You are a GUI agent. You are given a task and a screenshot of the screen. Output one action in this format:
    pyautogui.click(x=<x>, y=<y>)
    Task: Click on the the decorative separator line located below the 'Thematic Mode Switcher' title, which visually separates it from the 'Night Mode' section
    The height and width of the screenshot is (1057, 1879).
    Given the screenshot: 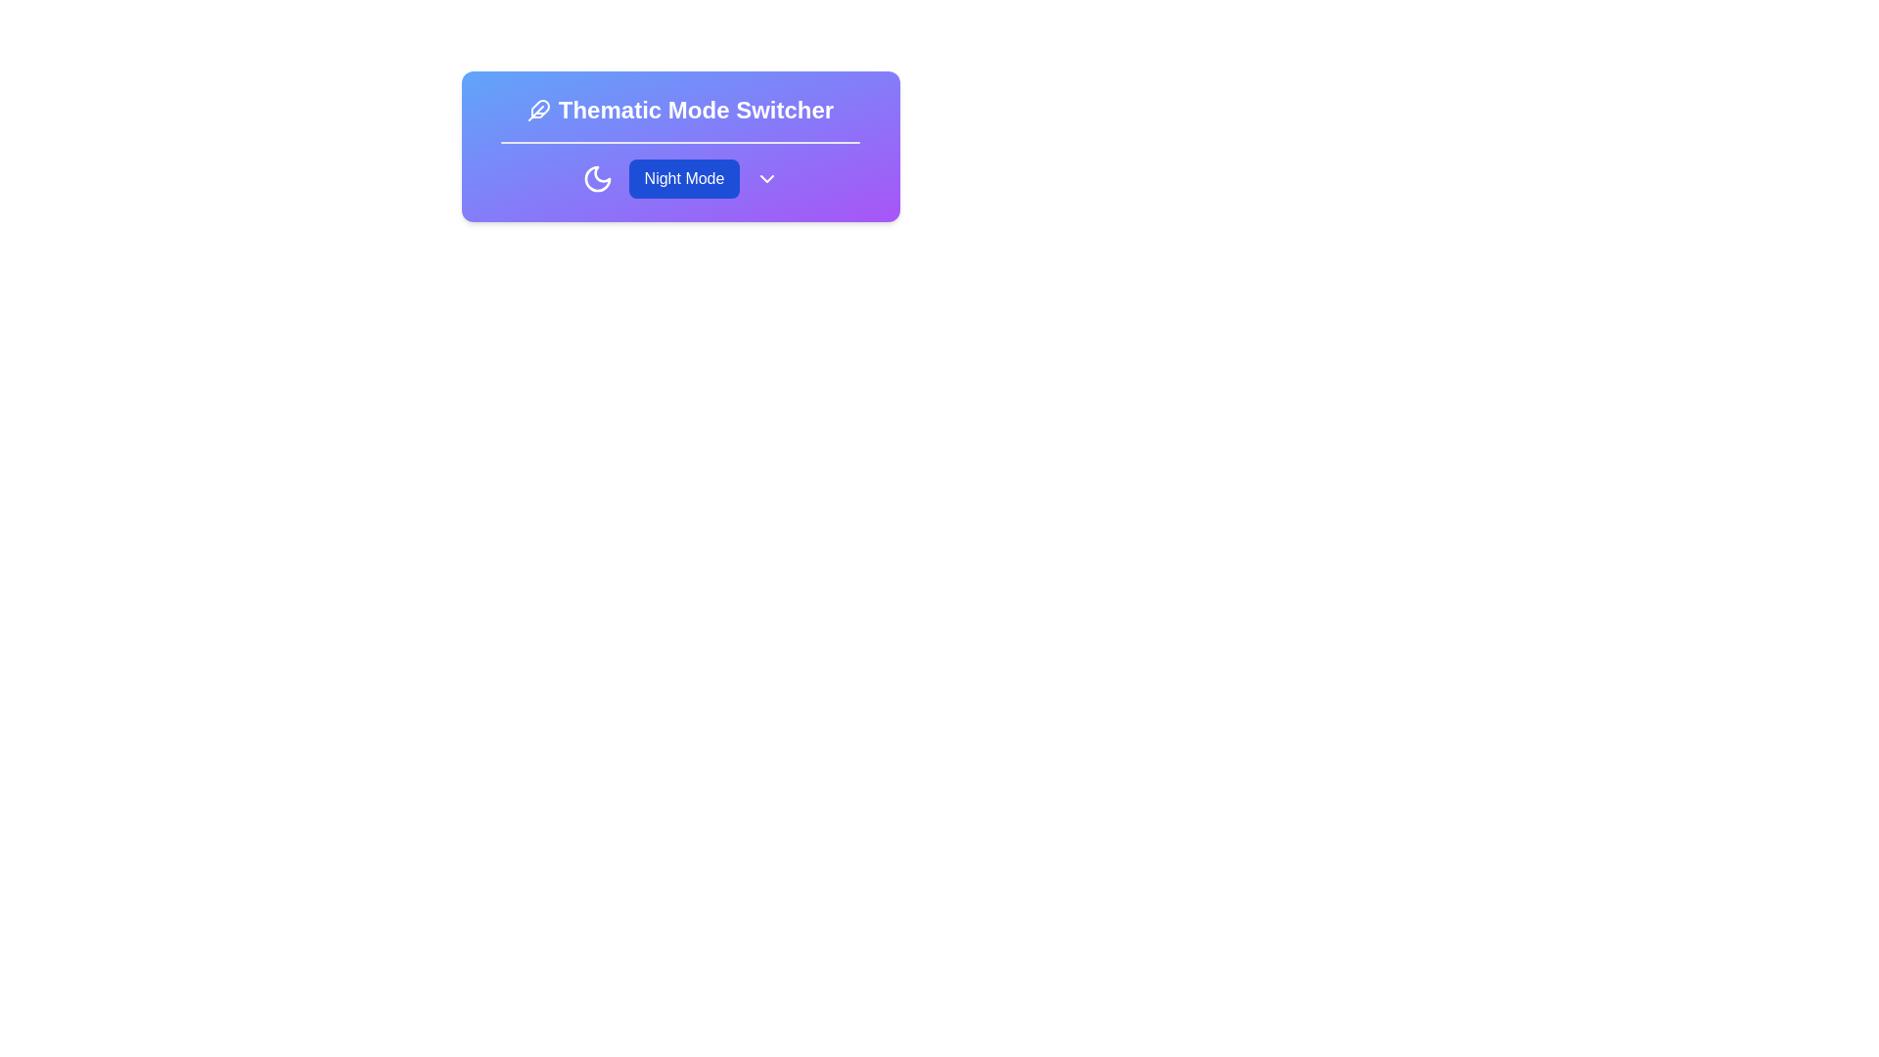 What is the action you would take?
    pyautogui.click(x=680, y=142)
    